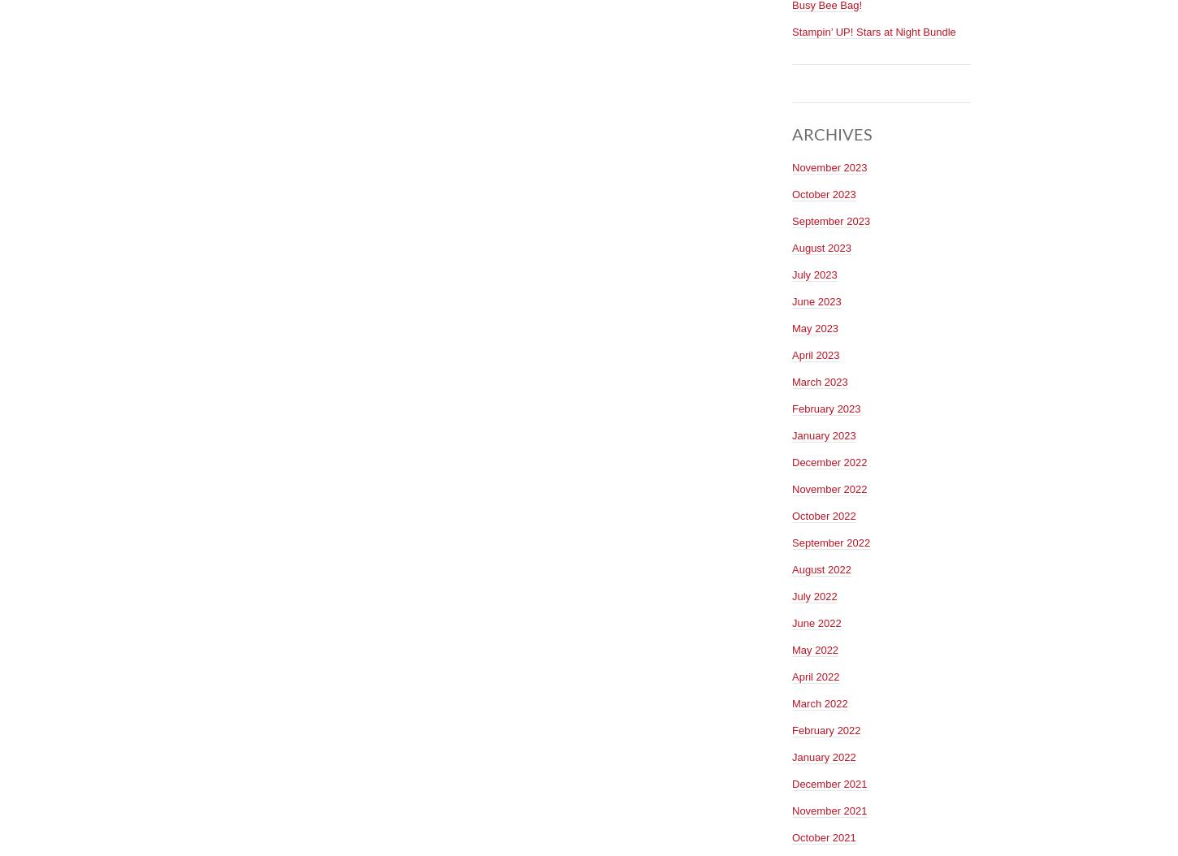 The width and height of the screenshot is (1178, 856). What do you see at coordinates (814, 274) in the screenshot?
I see `'July 2023'` at bounding box center [814, 274].